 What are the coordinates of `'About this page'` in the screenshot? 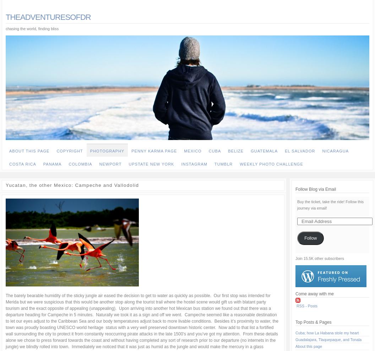 It's located at (308, 346).